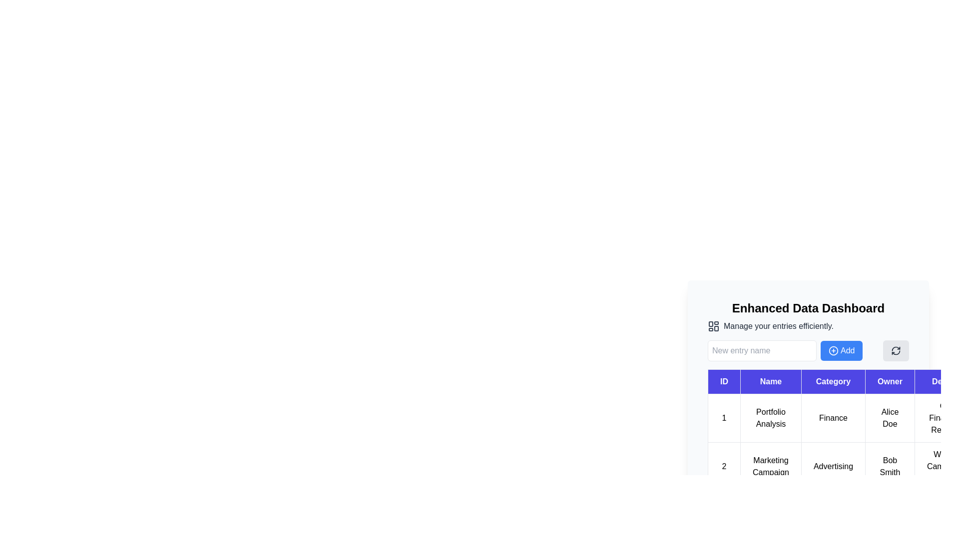  I want to click on the Table Header Cell displaying 'Category' with a purple background and white text, which is the third cell in the header row of the table, so click(833, 381).